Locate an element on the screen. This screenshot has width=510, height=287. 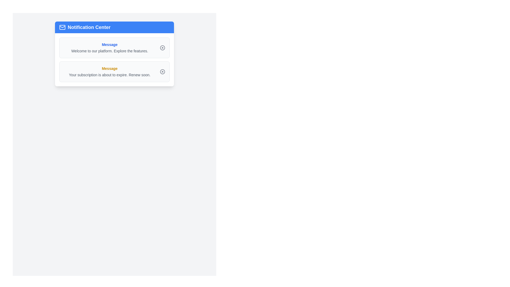
text-based notification message informing the user about their subscription nearing expiration, located in the Notification Center under the title 'Message' in yellow is located at coordinates (109, 75).